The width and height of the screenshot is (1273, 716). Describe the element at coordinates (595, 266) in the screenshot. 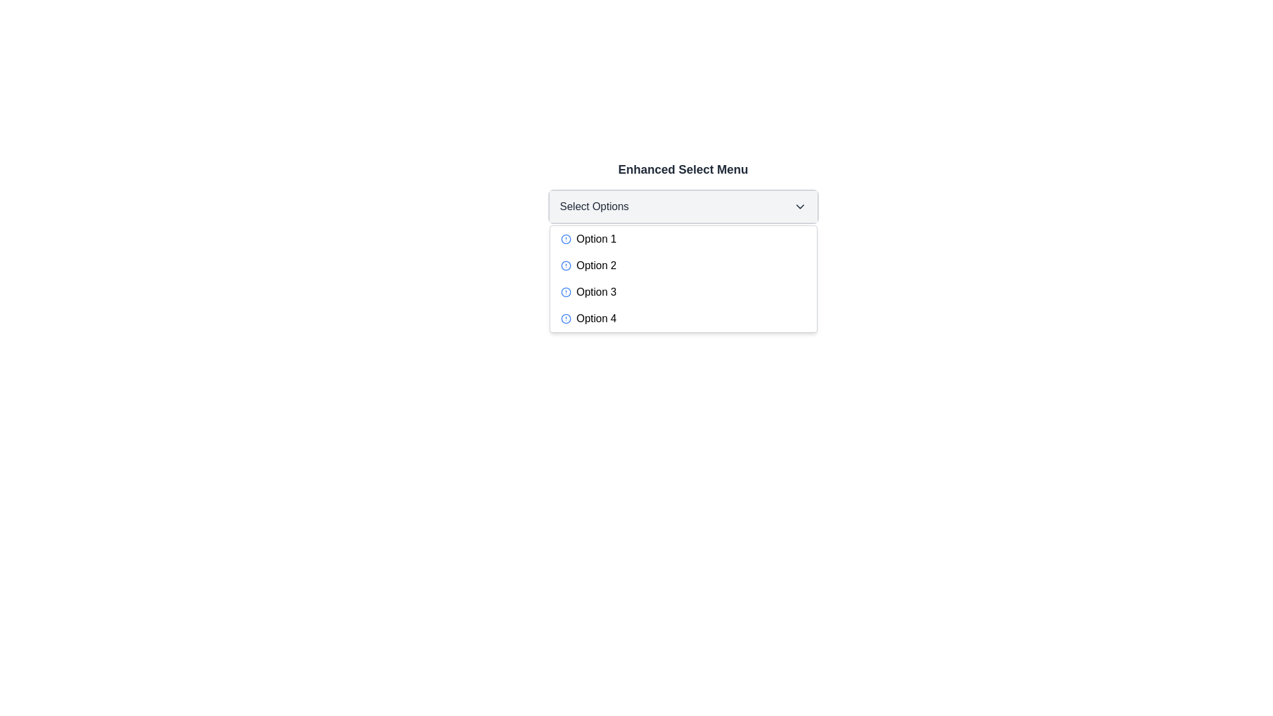

I see `the second selectable option in the dropdown menu` at that location.